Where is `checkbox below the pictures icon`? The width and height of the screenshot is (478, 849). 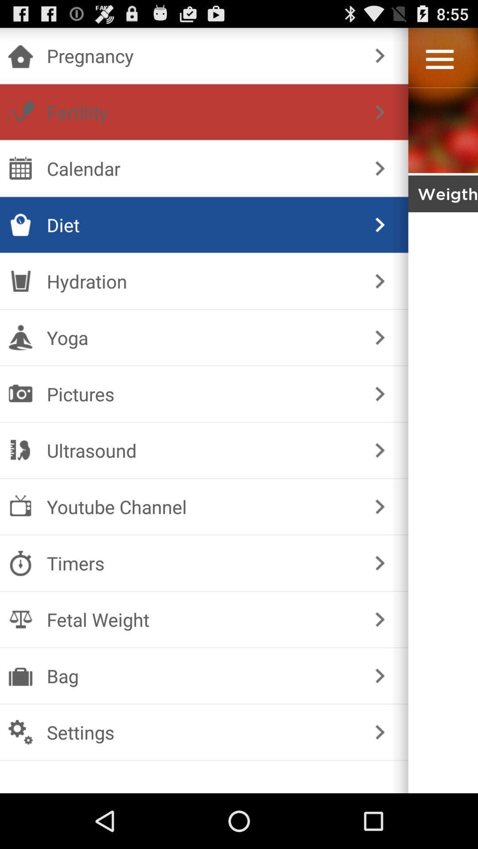 checkbox below the pictures icon is located at coordinates (202, 450).